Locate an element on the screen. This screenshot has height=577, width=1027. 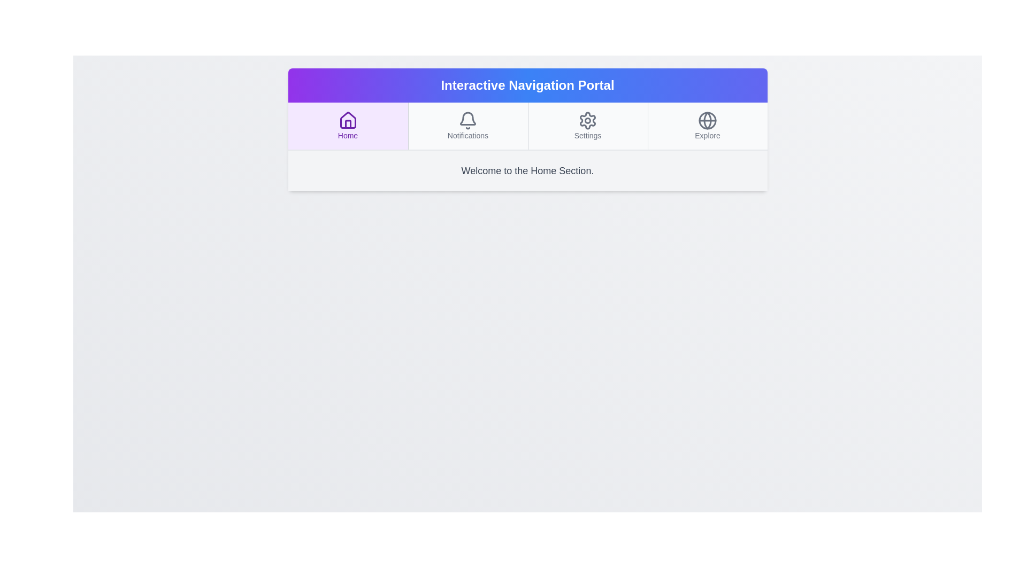
the settings navigation button, which is the third item in a group of four navigation options is located at coordinates (587, 125).